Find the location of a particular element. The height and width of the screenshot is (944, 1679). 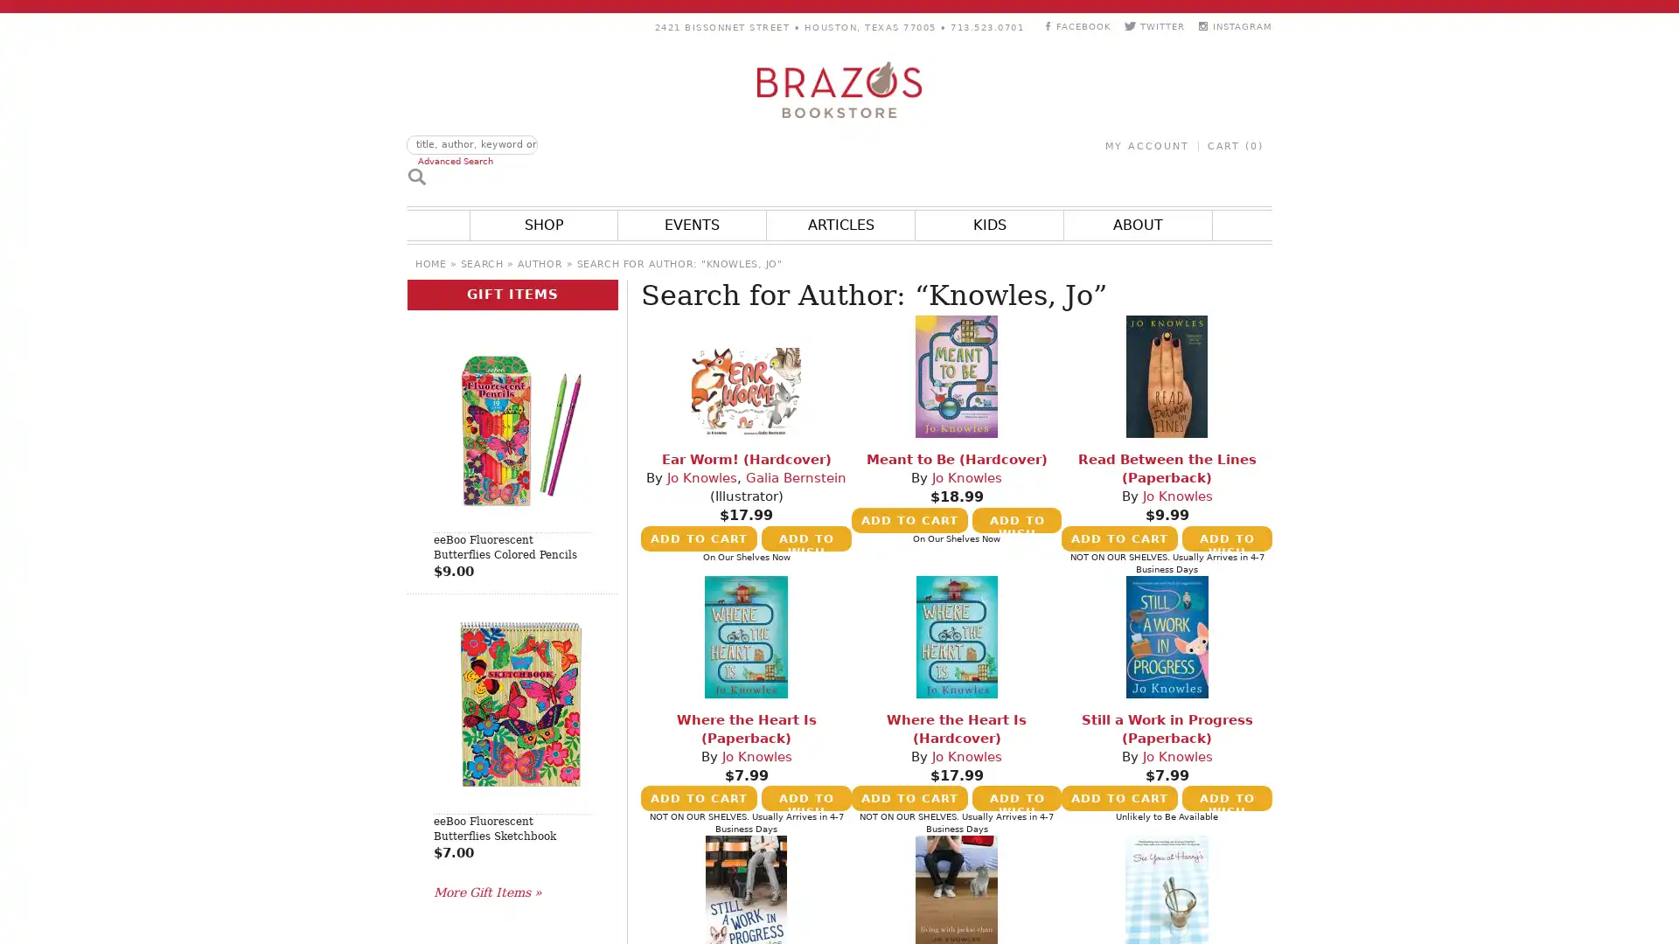

Add to Cart is located at coordinates (1119, 537).